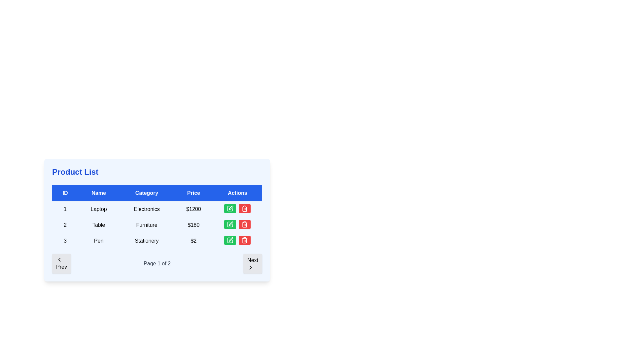 This screenshot has height=356, width=634. Describe the element at coordinates (65, 193) in the screenshot. I see `the Table Header element that indicates the column for IDs, which is located at the top left of the table layout` at that location.